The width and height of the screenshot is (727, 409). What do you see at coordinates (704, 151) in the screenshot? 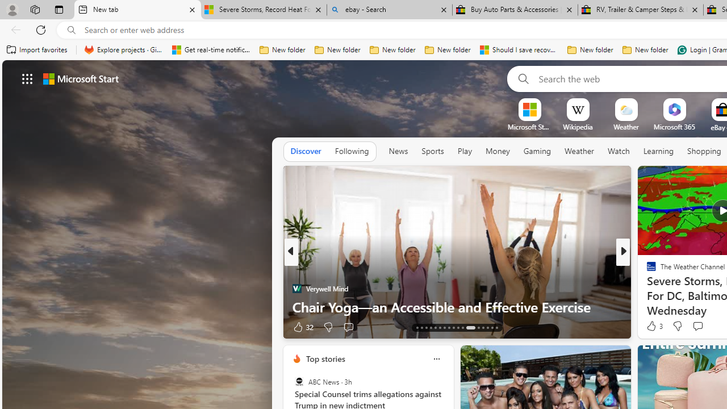
I see `'Shopping'` at bounding box center [704, 151].